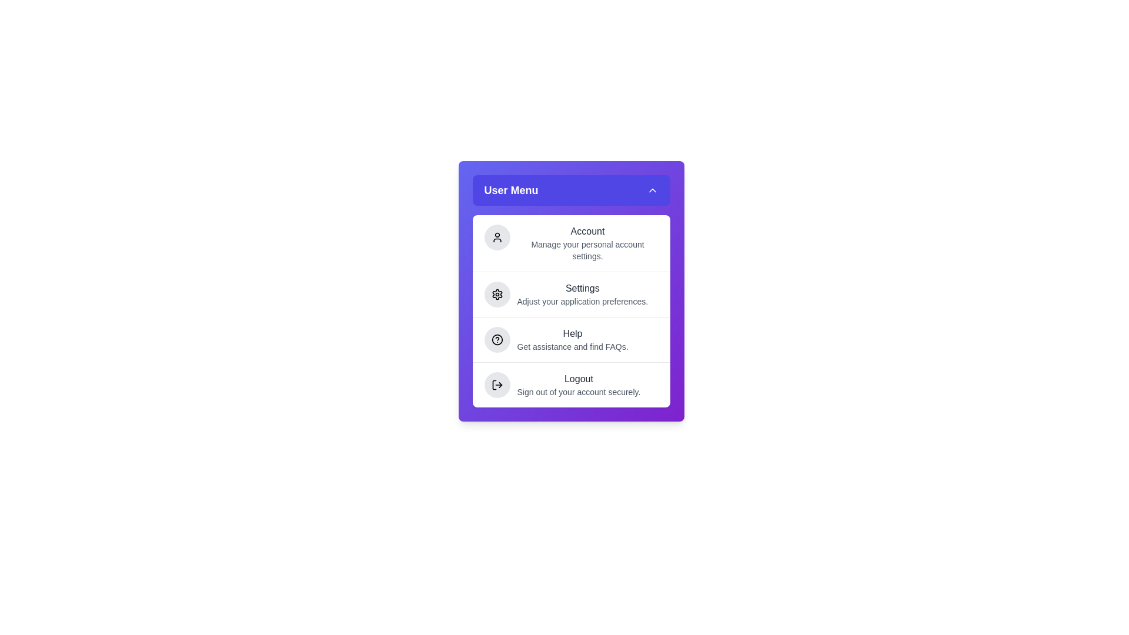 The image size is (1129, 635). I want to click on the menu item Logout from the menu, so click(571, 385).